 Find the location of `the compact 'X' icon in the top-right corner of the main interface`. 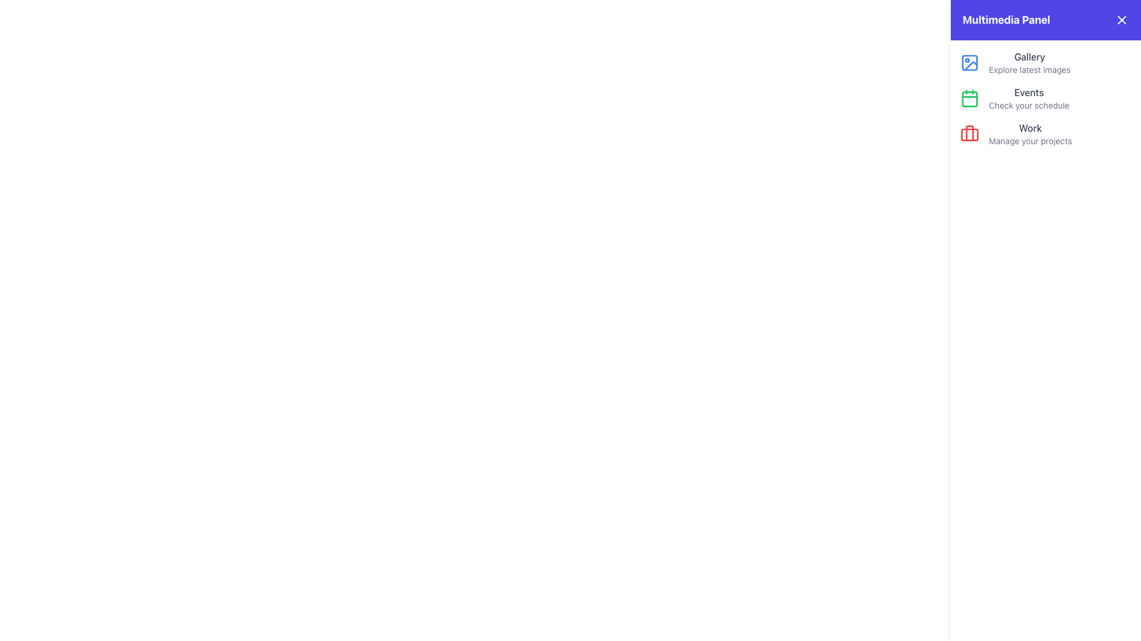

the compact 'X' icon in the top-right corner of the main interface is located at coordinates (1114, 26).